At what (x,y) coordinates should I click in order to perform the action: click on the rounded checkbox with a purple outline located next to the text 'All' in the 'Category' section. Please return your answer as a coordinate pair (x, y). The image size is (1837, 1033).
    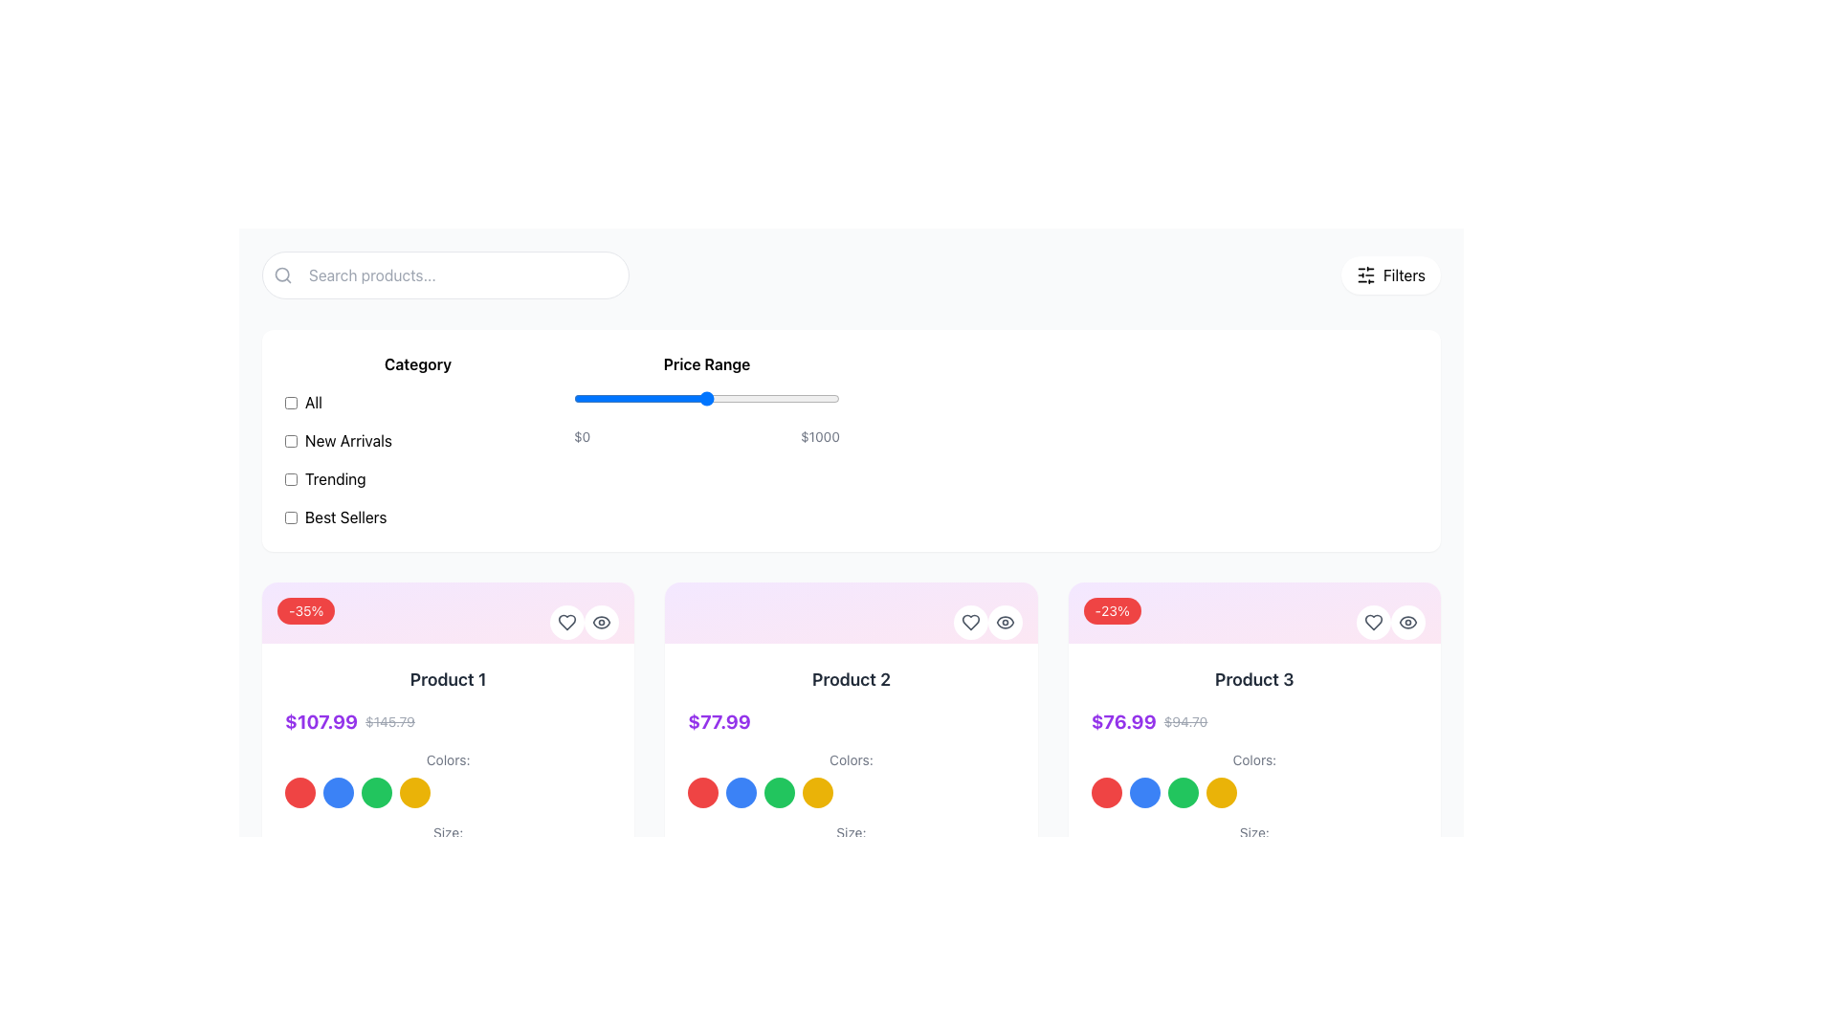
    Looking at the image, I should click on (290, 401).